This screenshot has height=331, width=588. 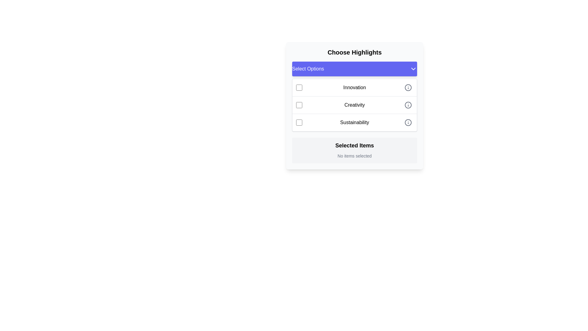 What do you see at coordinates (354, 123) in the screenshot?
I see `the text label displaying 'Sustainability'` at bounding box center [354, 123].